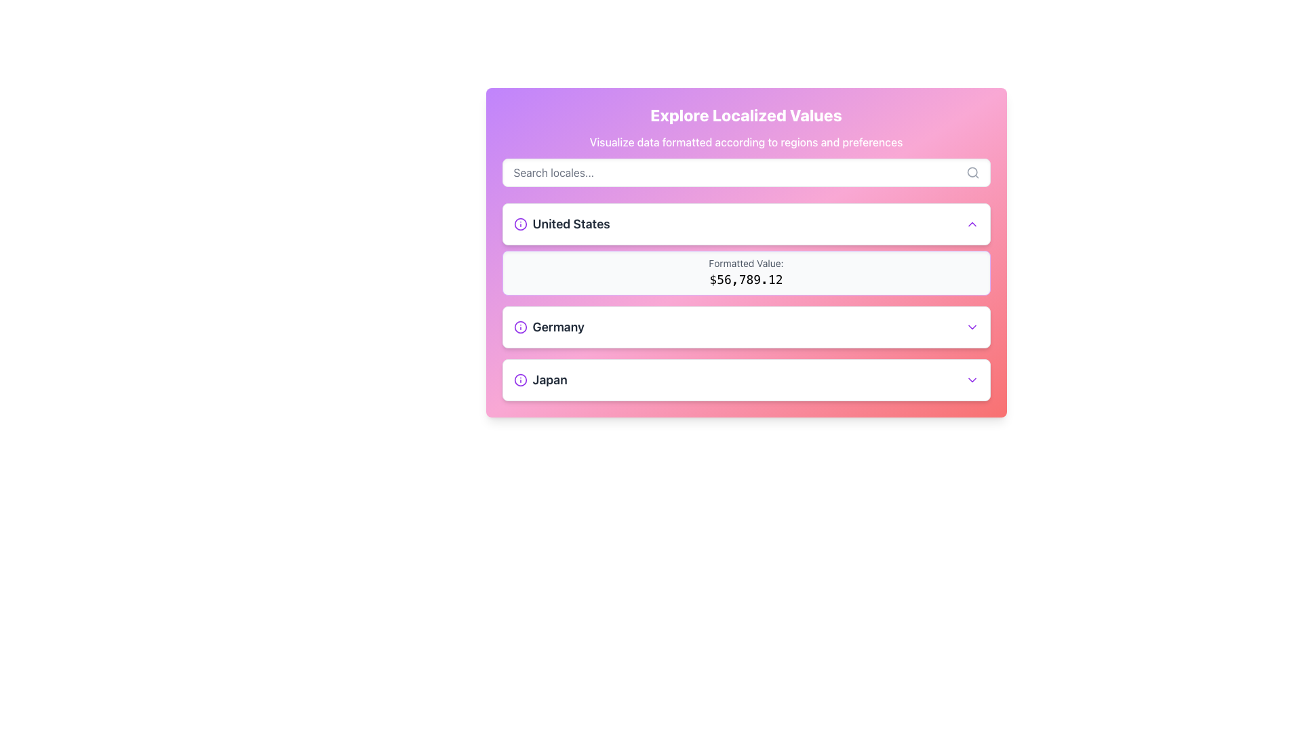 The width and height of the screenshot is (1302, 732). Describe the element at coordinates (549, 327) in the screenshot. I see `the 'Germany' text element, which is styled in bold and located next to a purple information icon` at that location.